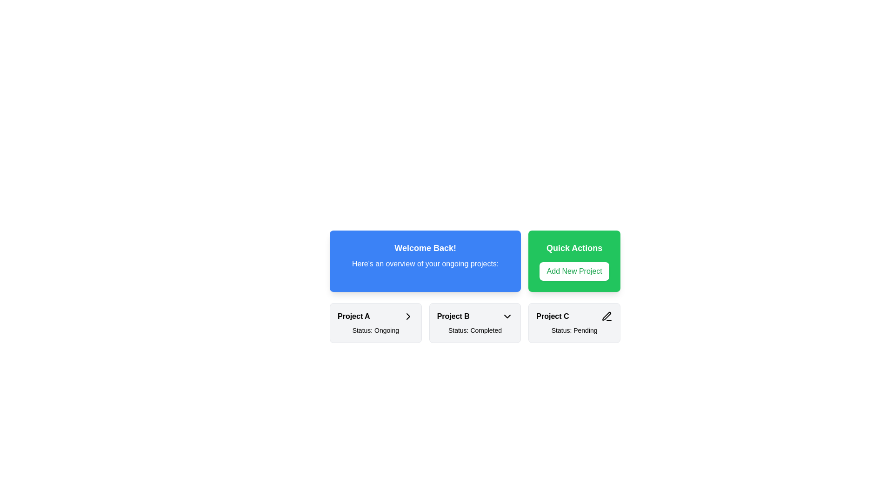  I want to click on the edit icon located at the top-right corner of the 'Project C' card, so click(607, 316).